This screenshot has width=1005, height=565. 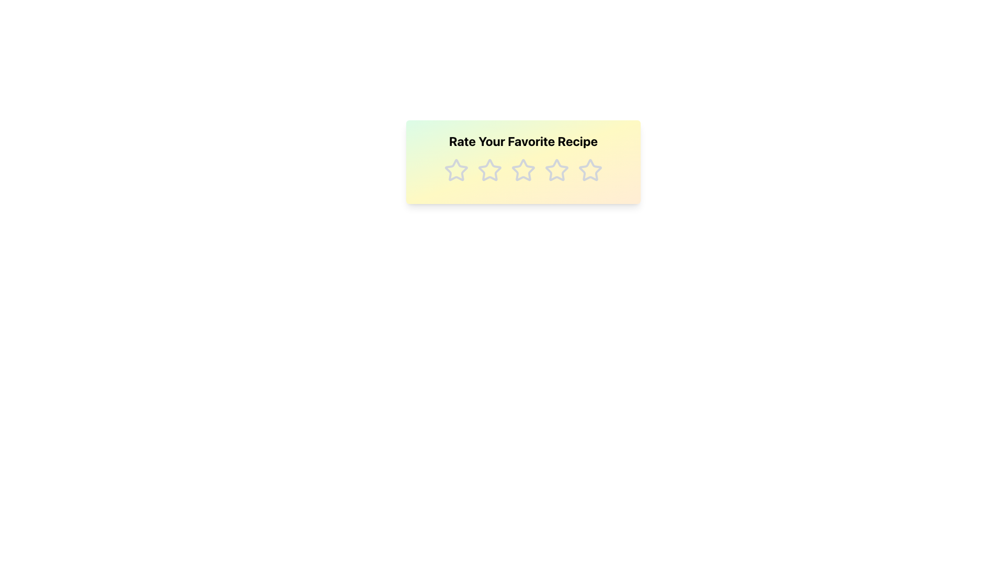 What do you see at coordinates (556, 169) in the screenshot?
I see `the fourth star icon in a 5-star rating system` at bounding box center [556, 169].